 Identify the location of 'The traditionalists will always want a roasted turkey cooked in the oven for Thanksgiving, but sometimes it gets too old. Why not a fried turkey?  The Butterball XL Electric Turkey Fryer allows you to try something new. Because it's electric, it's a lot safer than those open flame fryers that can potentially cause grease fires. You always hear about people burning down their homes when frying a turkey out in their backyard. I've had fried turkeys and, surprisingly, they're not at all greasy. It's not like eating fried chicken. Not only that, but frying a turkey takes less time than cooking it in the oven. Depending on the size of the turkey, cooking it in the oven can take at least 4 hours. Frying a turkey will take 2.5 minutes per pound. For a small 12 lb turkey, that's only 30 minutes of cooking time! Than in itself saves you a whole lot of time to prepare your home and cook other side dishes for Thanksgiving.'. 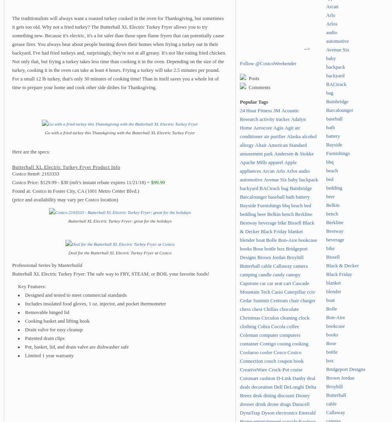
(119, 52).